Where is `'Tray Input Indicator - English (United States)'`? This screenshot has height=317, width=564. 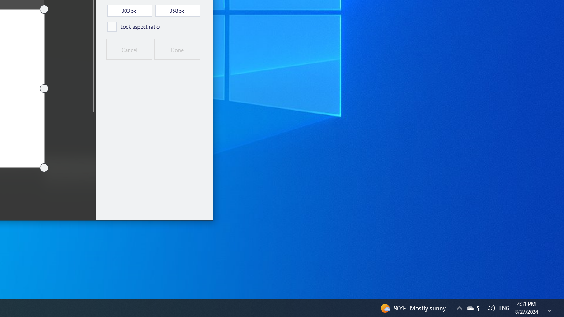 'Tray Input Indicator - English (United States)' is located at coordinates (504, 307).